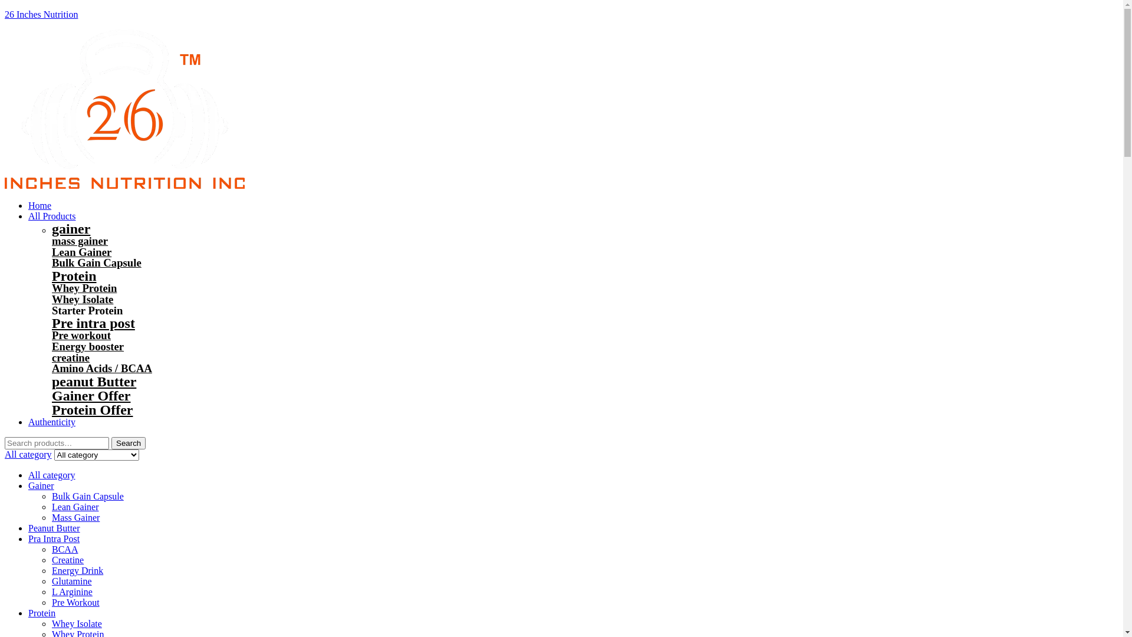 The width and height of the screenshot is (1132, 637). What do you see at coordinates (87, 346) in the screenshot?
I see `'Energy booster'` at bounding box center [87, 346].